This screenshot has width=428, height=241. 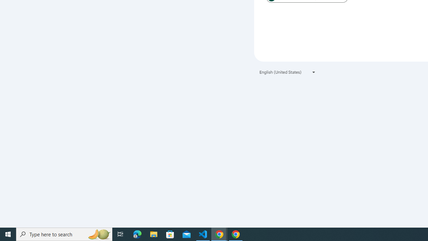 I want to click on 'English (United States)', so click(x=288, y=72).